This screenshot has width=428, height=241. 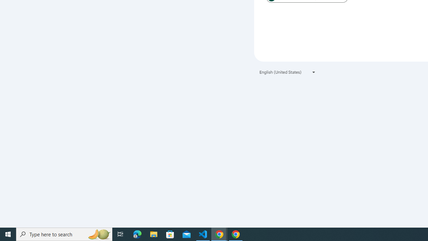 I want to click on 'English (United States)', so click(x=288, y=72).